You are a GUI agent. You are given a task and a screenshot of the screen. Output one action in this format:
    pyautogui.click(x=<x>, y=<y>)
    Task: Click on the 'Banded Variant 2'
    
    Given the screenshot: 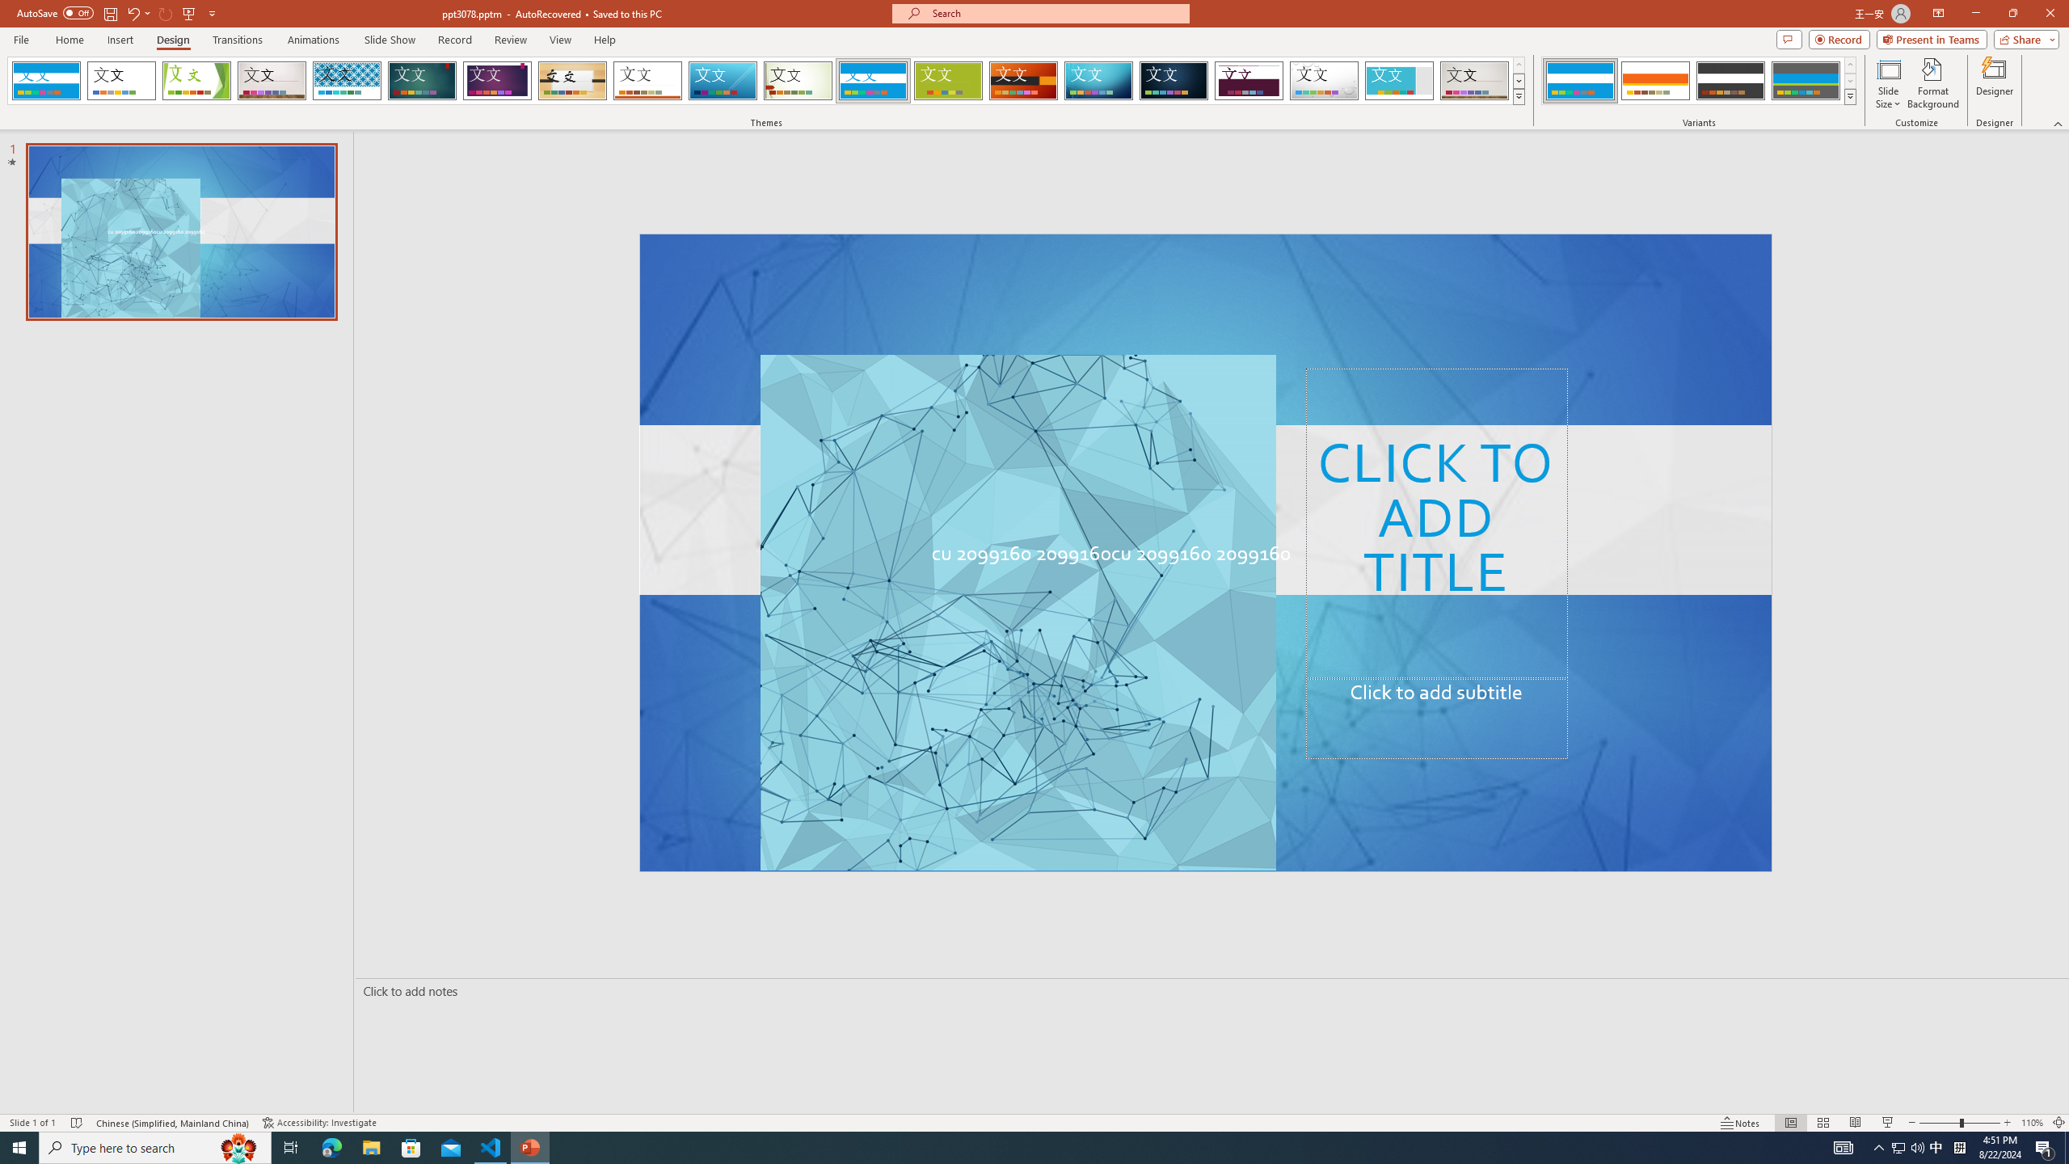 What is the action you would take?
    pyautogui.click(x=1654, y=80)
    